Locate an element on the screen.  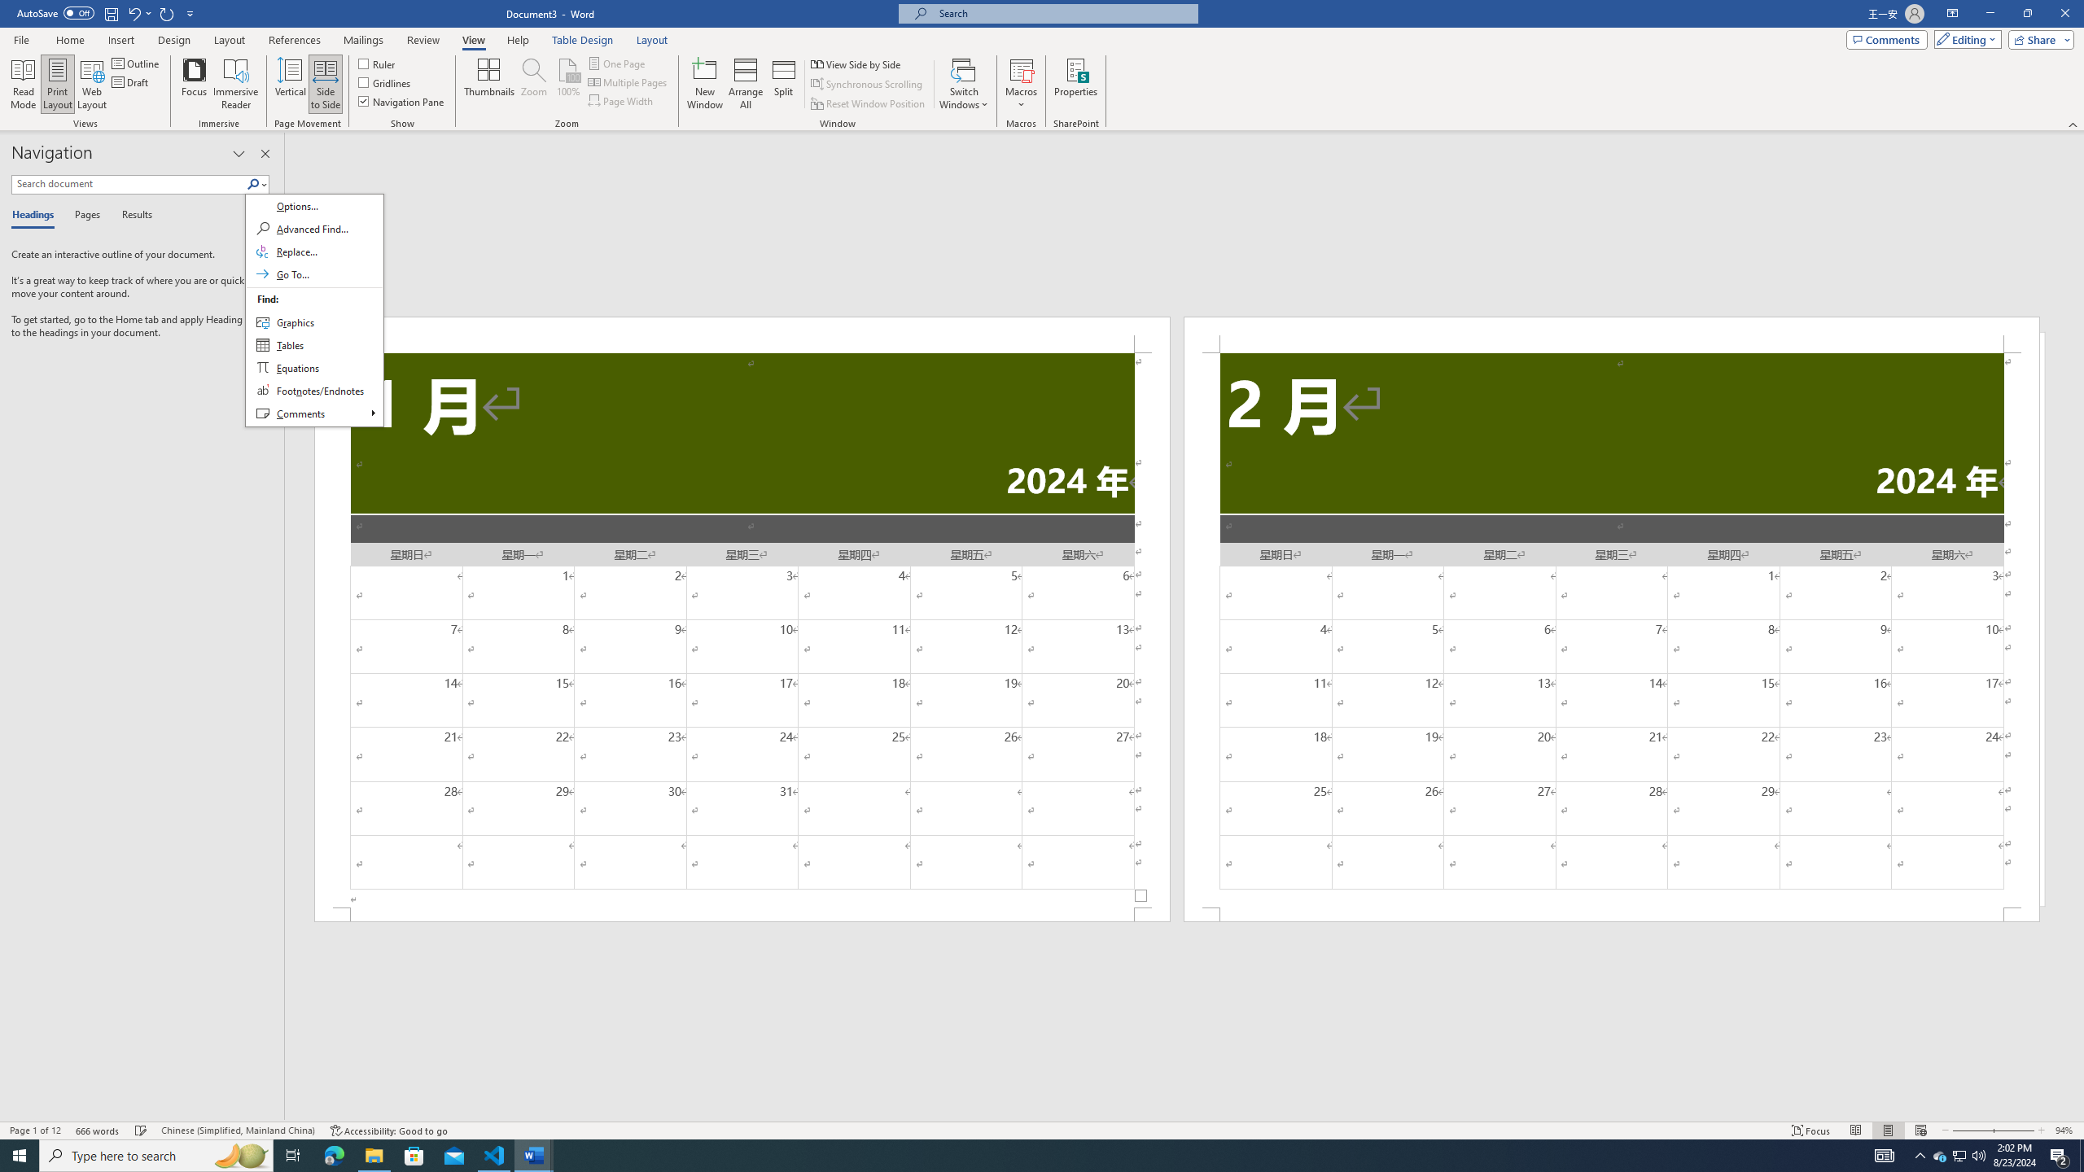
'Show desktop' is located at coordinates (2081, 1154).